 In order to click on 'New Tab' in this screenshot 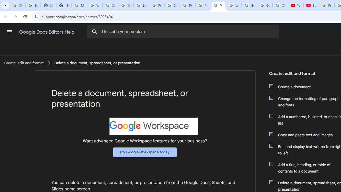, I will do `click(64, 5)`.